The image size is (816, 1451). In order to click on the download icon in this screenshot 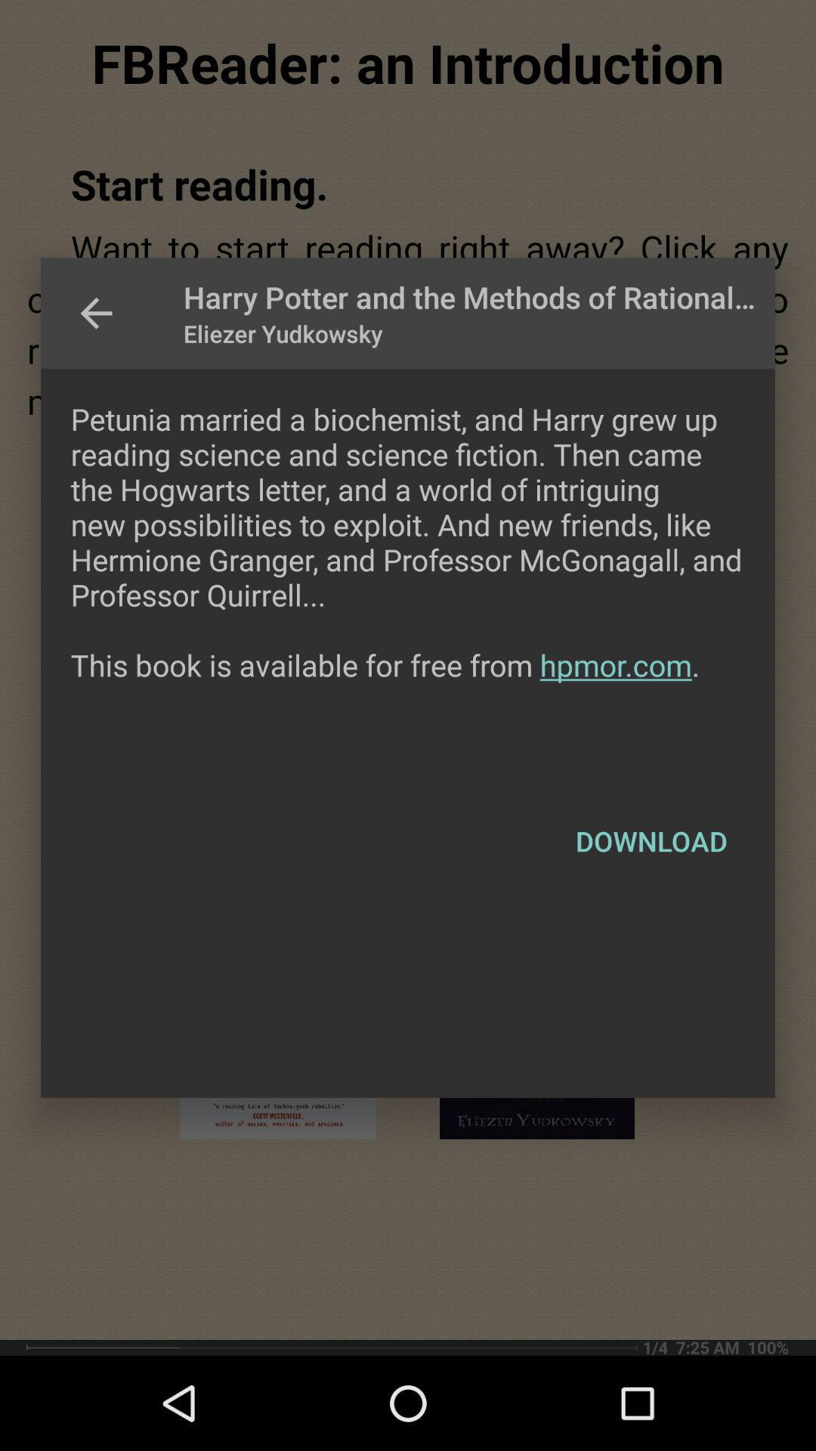, I will do `click(651, 840)`.